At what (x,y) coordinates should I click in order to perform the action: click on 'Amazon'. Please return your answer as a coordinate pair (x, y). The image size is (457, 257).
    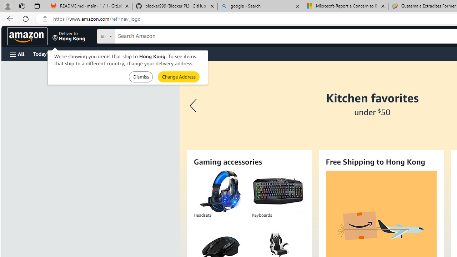
    Looking at the image, I should click on (27, 36).